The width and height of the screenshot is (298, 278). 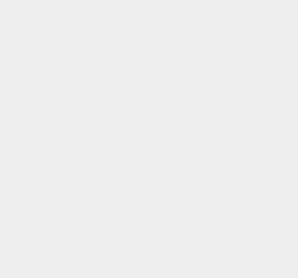 What do you see at coordinates (213, 51) in the screenshot?
I see `'4G'` at bounding box center [213, 51].